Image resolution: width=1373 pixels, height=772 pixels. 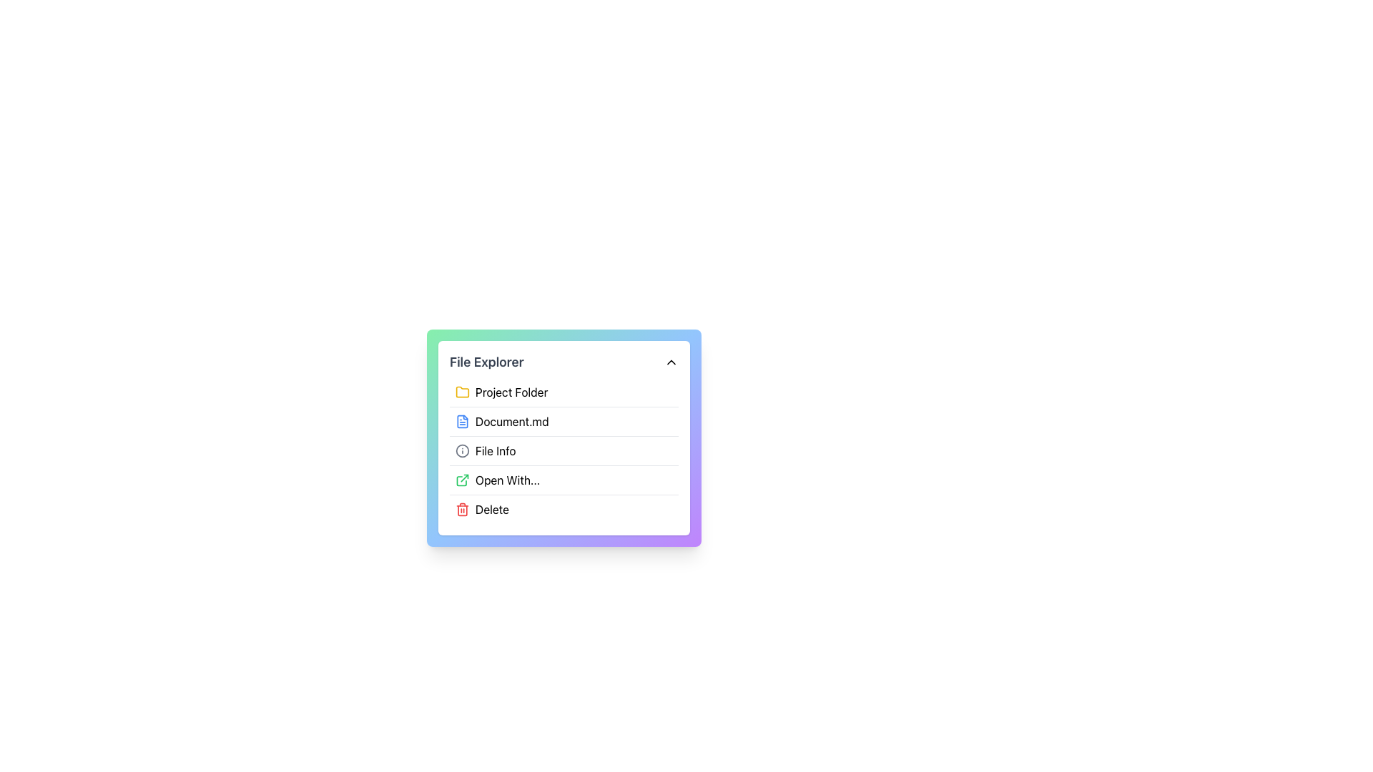 I want to click on the yellow folder icon located next to the 'Project Folder' text in the 'File Explorer' menu, so click(x=463, y=391).